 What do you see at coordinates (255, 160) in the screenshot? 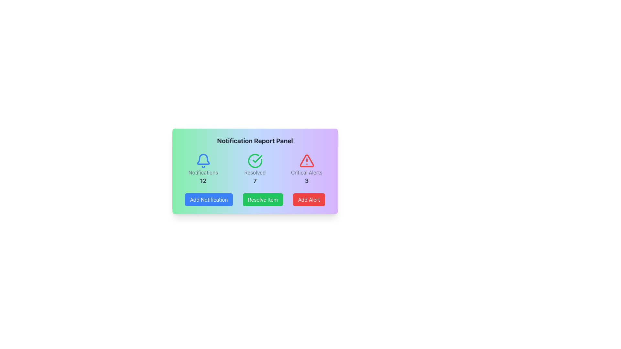
I see `the status icon in the 'Resolved' section of the Notification Report Panel, which visually conveys resolved notifications and is center-aligned above the text 'Resolved' and the number '7'` at bounding box center [255, 160].